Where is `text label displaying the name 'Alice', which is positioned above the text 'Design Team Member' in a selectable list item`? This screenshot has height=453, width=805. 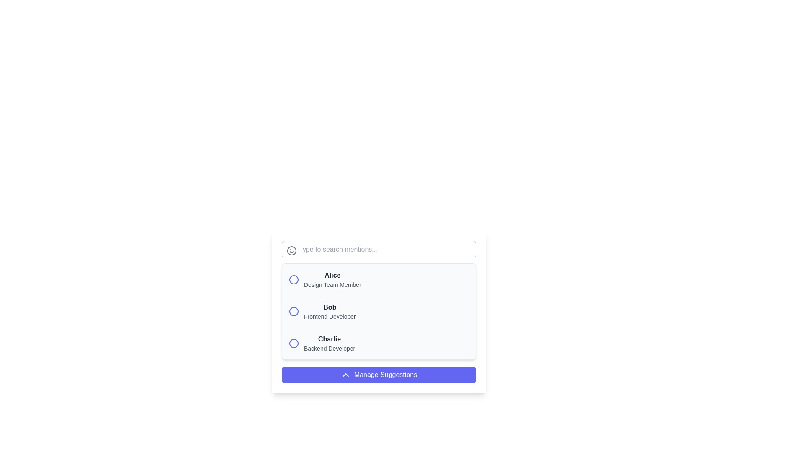
text label displaying the name 'Alice', which is positioned above the text 'Design Team Member' in a selectable list item is located at coordinates (332, 275).